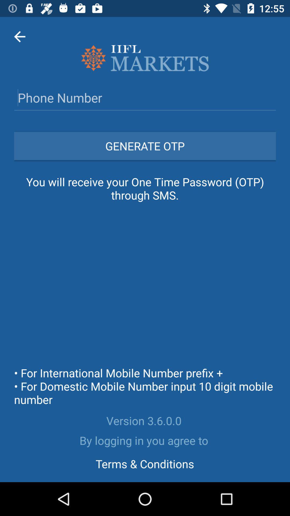 The width and height of the screenshot is (290, 516). Describe the element at coordinates (144, 463) in the screenshot. I see `the item below the by logging in icon` at that location.